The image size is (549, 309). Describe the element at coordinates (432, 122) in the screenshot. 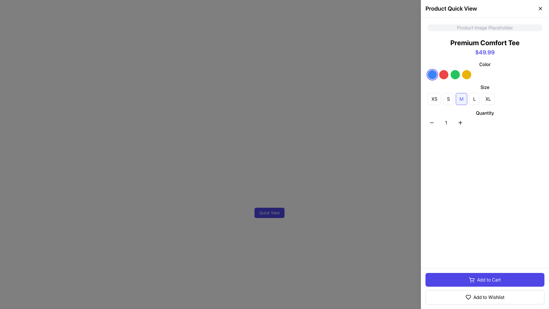

I see `the quantity decrease button located on the far left of the 'Quantity' section in the product quick view modal to observe hover effects` at that location.